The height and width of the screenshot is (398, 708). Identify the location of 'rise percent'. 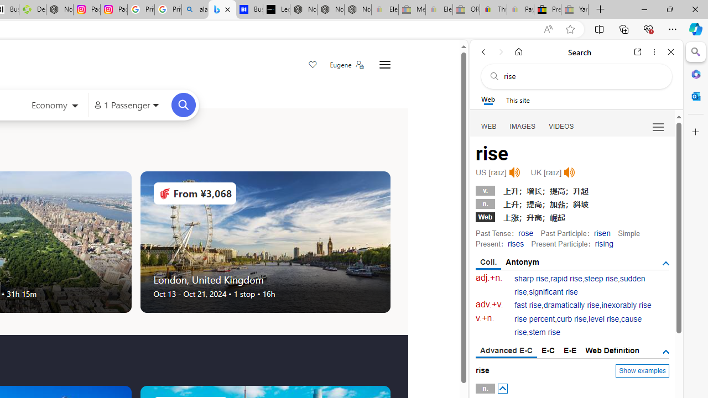
(535, 319).